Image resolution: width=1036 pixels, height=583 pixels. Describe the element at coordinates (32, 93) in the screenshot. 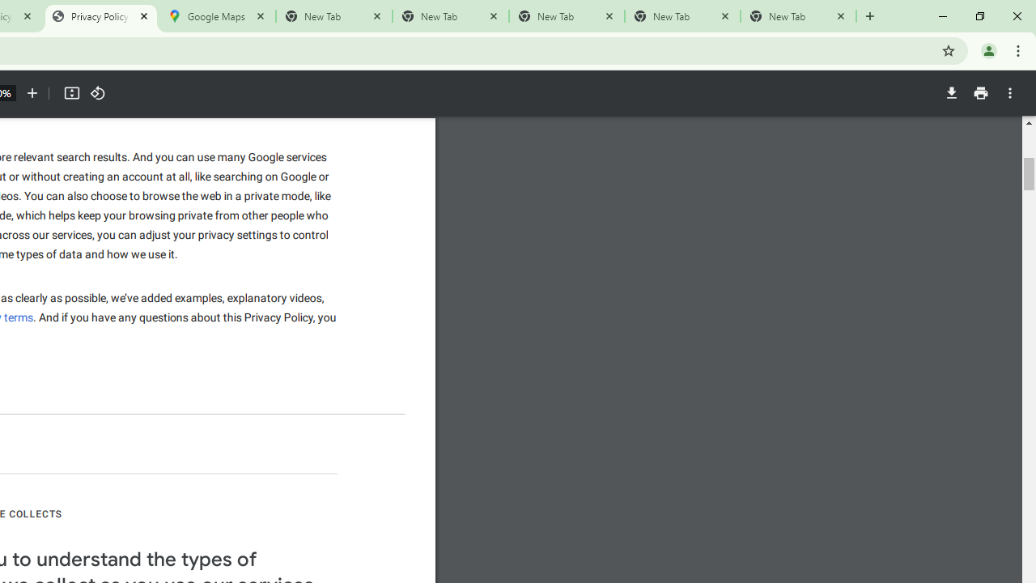

I see `'Zoom in'` at that location.